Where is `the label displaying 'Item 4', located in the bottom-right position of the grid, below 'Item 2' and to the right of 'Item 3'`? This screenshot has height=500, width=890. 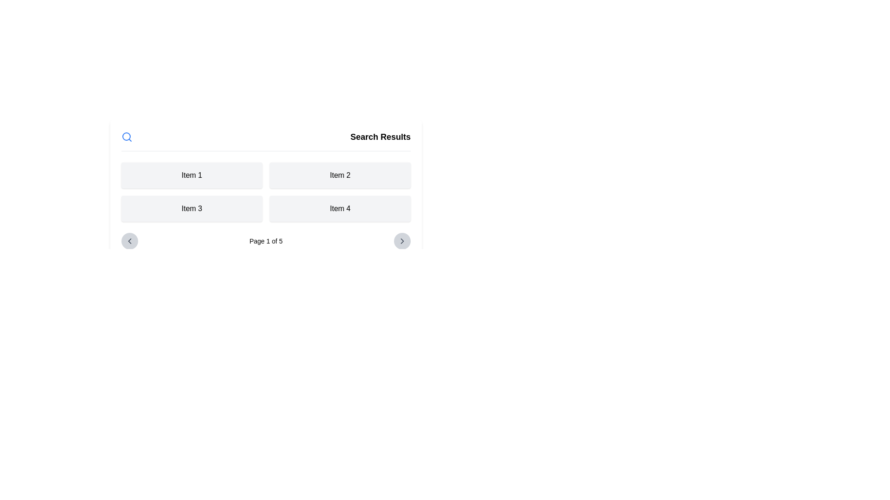
the label displaying 'Item 4', located in the bottom-right position of the grid, below 'Item 2' and to the right of 'Item 3' is located at coordinates (340, 209).